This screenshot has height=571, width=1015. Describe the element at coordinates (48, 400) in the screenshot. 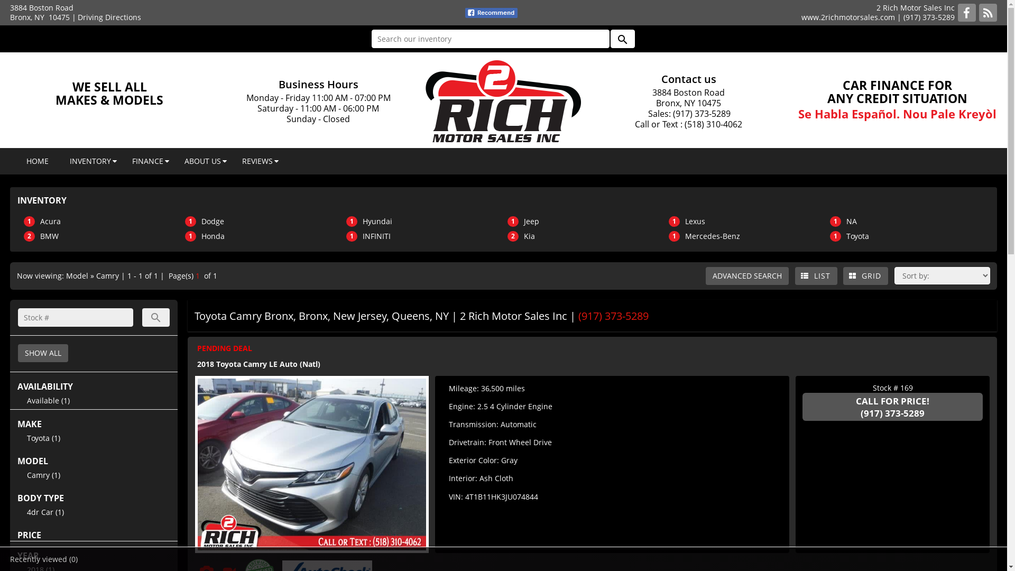

I see `'Available (1)'` at that location.